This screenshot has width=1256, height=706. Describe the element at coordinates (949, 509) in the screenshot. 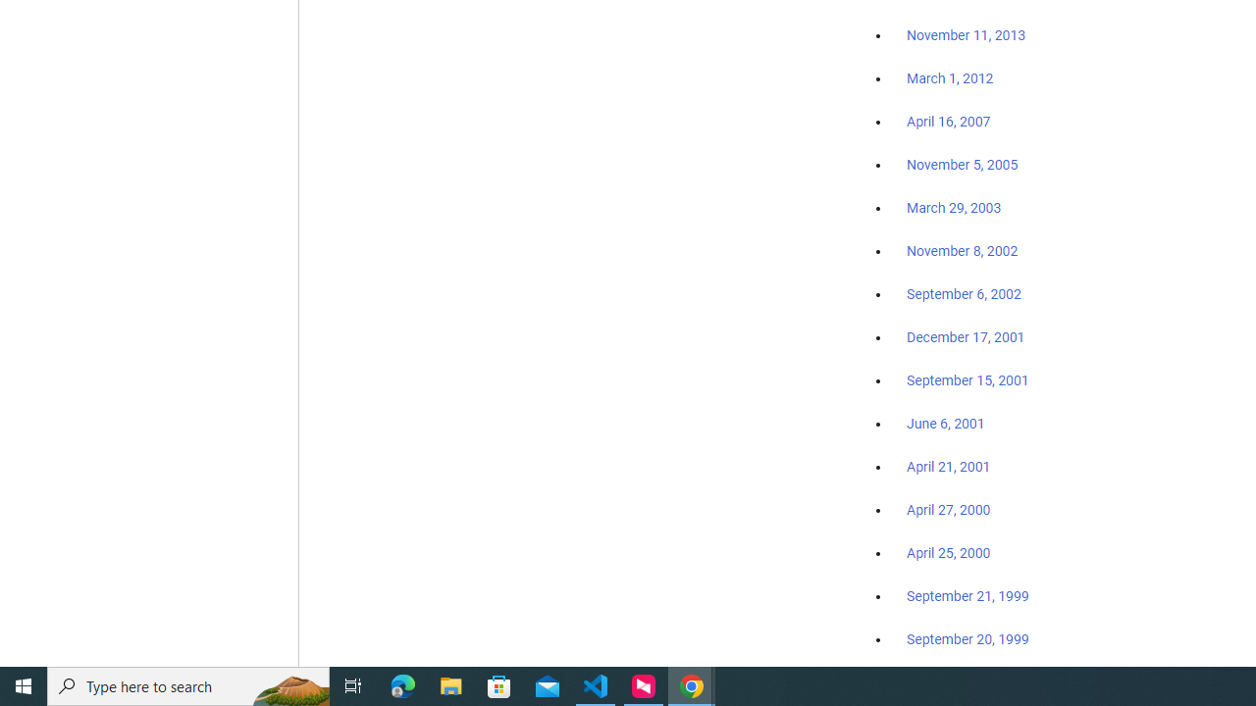

I see `'April 27, 2000'` at that location.